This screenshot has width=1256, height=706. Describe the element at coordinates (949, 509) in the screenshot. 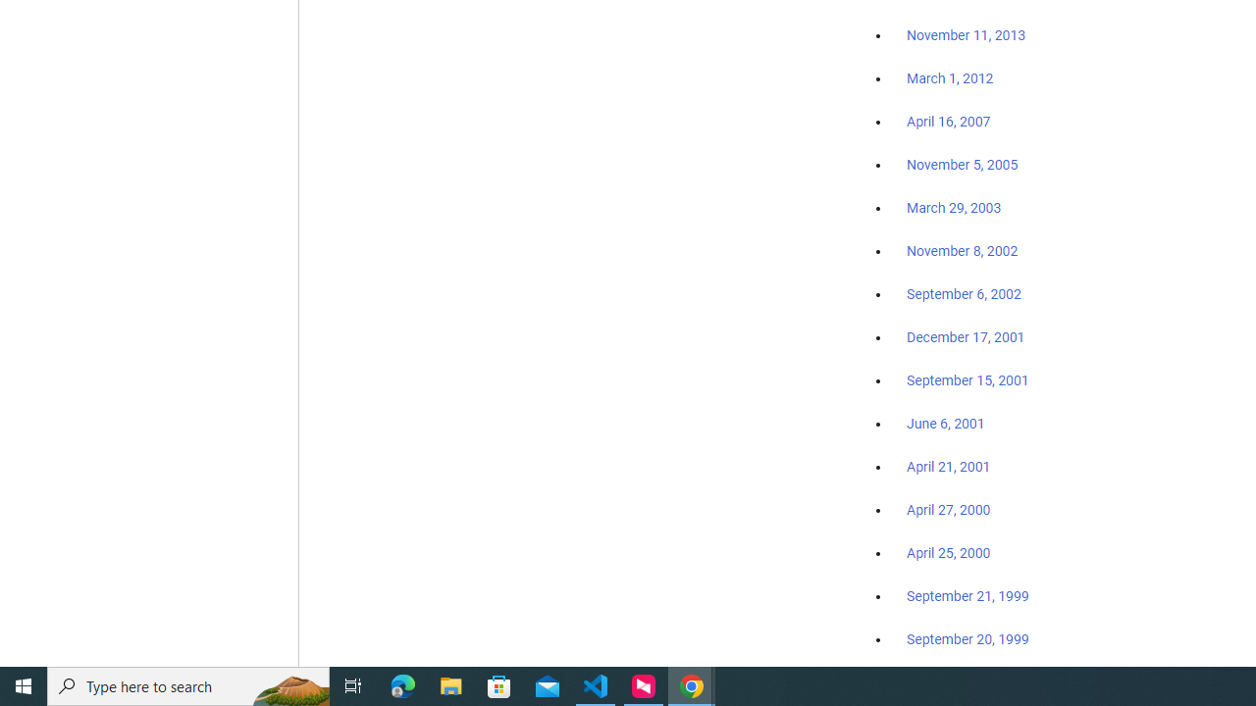

I see `'April 27, 2000'` at that location.